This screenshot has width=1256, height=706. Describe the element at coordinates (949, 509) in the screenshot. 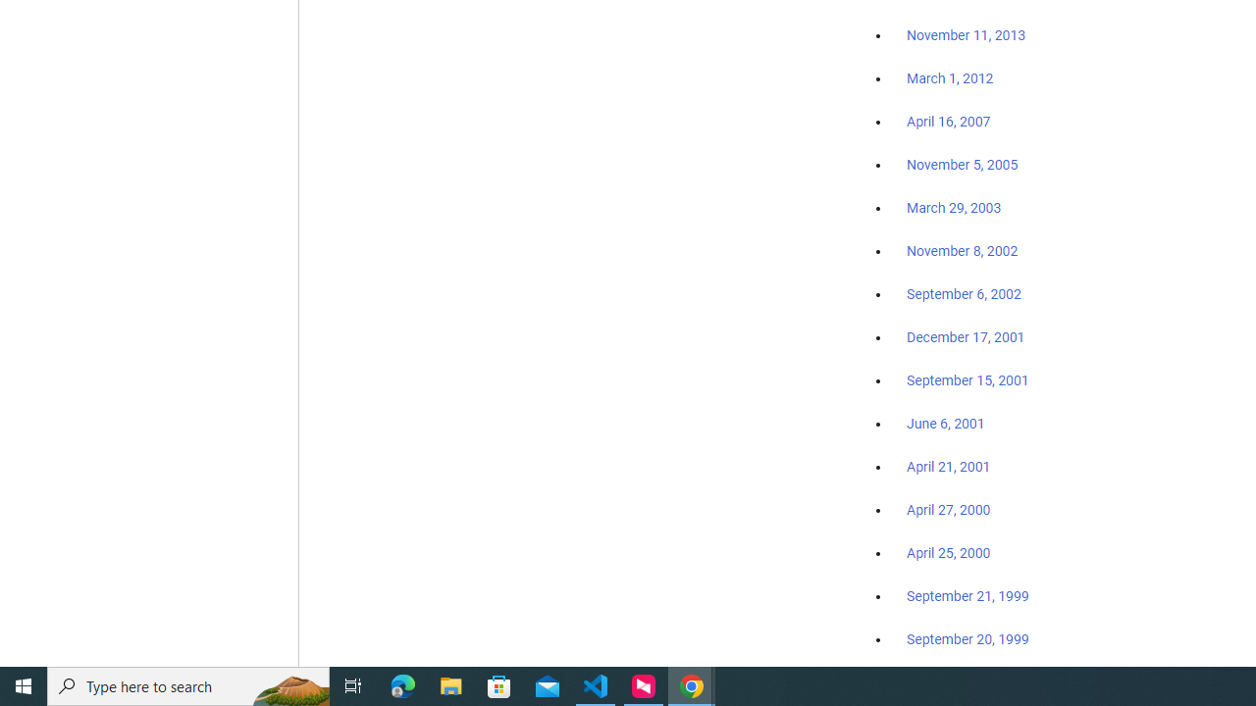

I see `'April 27, 2000'` at that location.